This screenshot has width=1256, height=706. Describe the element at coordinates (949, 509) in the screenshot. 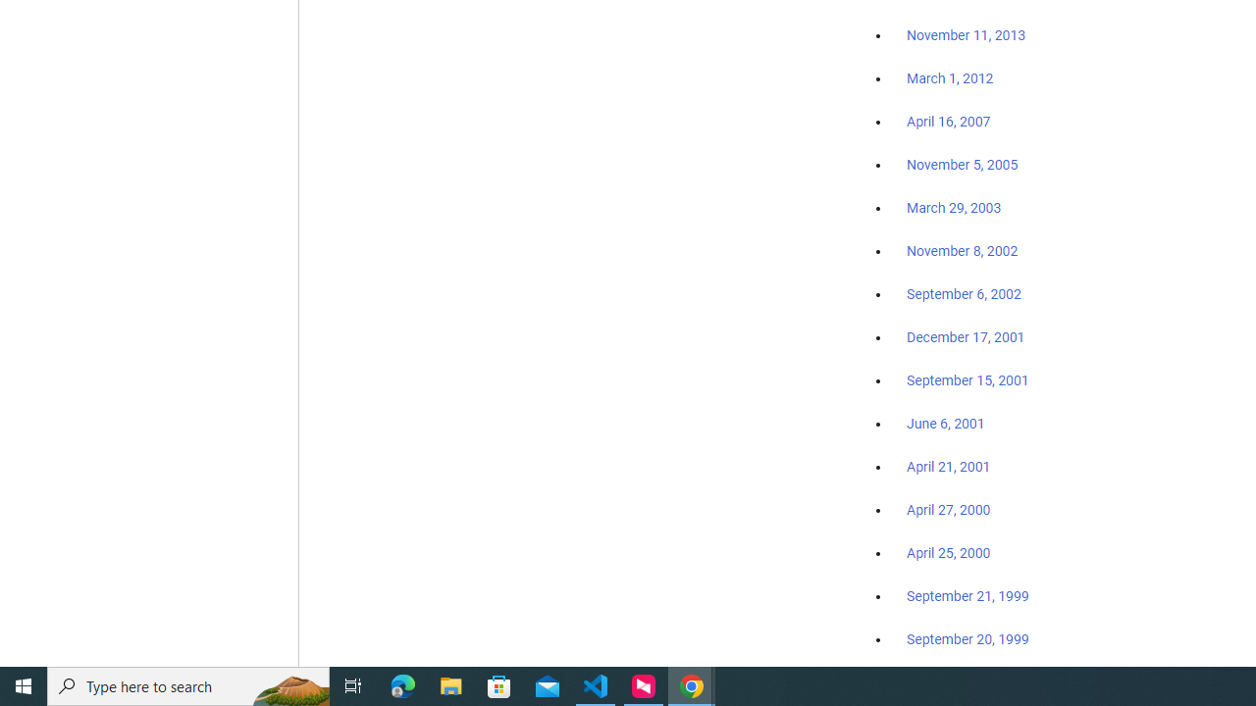

I see `'April 27, 2000'` at that location.